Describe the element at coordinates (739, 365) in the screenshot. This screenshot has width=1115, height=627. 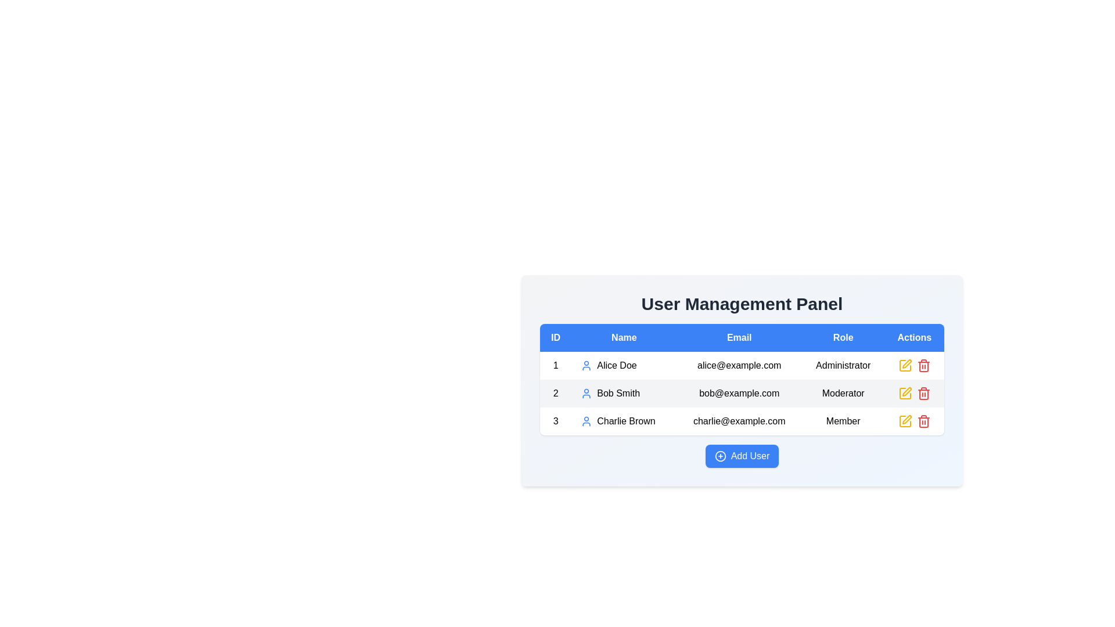
I see `the static text element displaying the email address 'alice@example.com' in the third column of the first row of the user management table` at that location.